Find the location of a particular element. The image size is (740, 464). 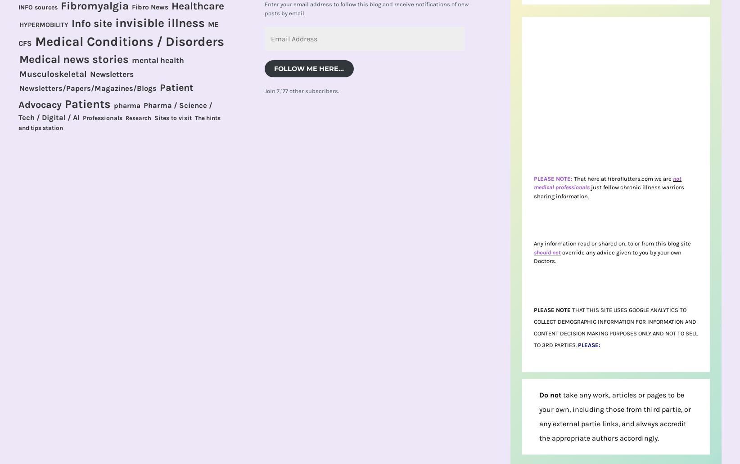

'pharma' is located at coordinates (127, 104).